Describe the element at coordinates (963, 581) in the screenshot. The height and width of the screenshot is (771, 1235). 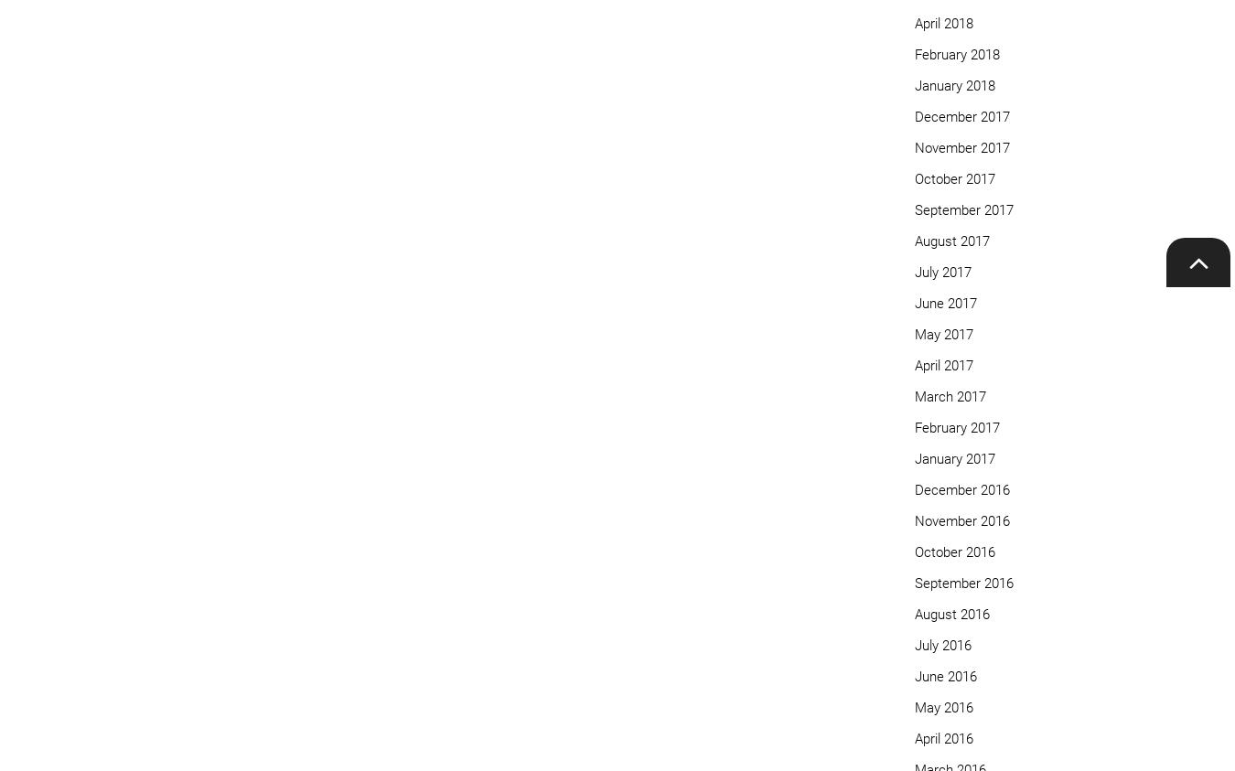
I see `'September 2016'` at that location.